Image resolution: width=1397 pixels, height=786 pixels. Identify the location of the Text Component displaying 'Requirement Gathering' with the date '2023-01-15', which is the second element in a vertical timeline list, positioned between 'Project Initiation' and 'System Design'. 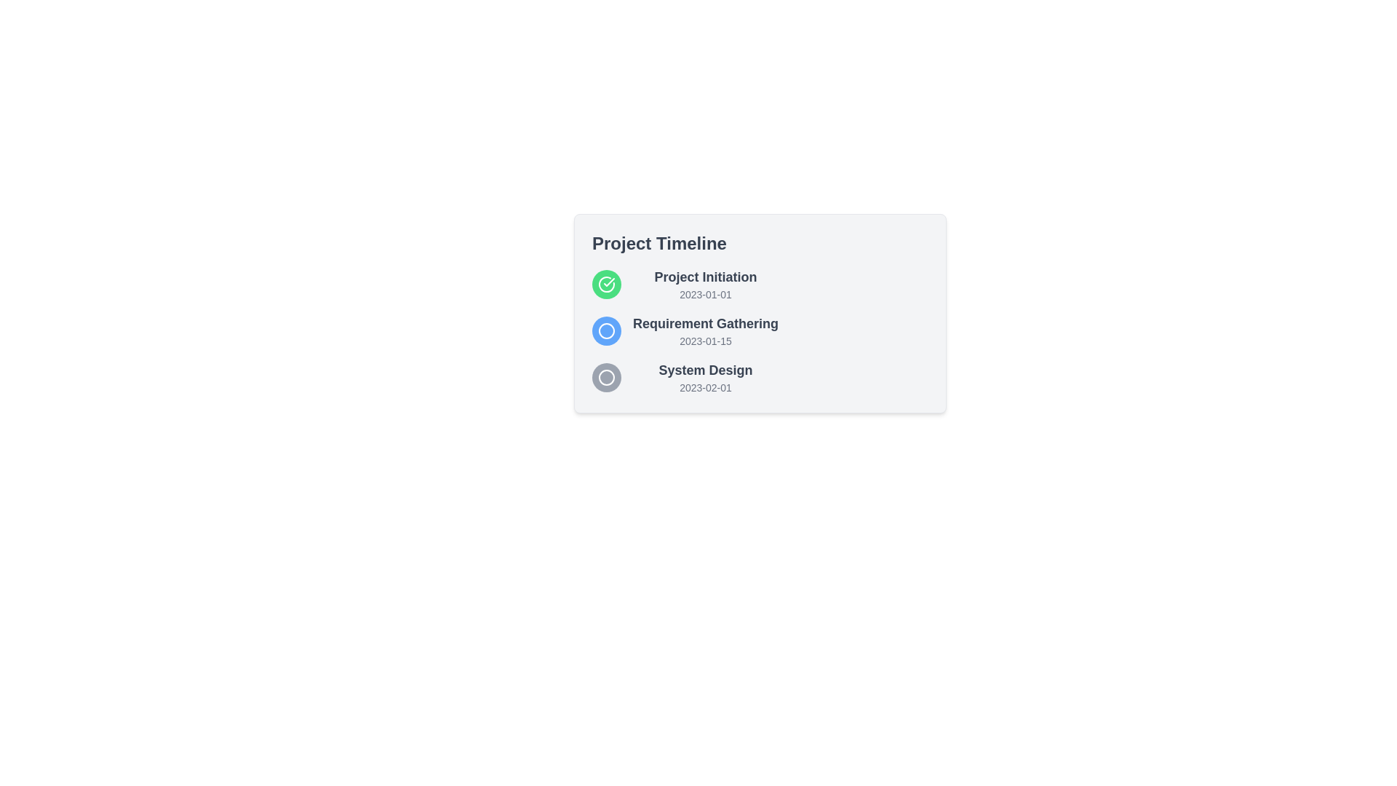
(705, 331).